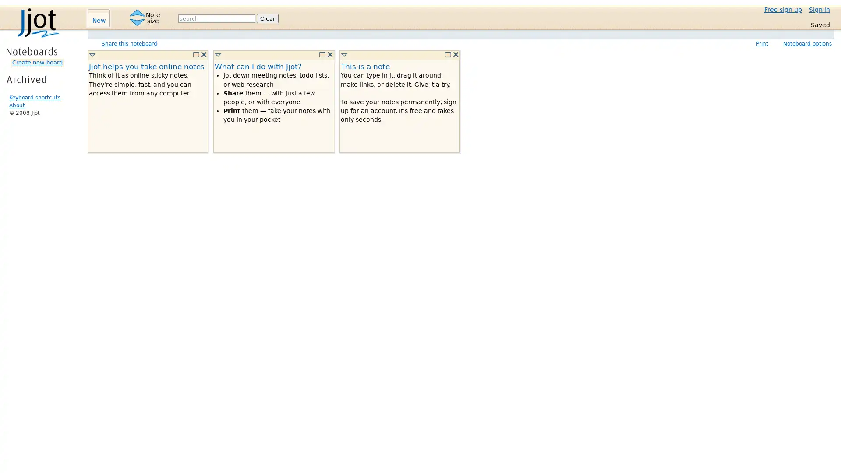 Image resolution: width=841 pixels, height=473 pixels. Describe the element at coordinates (267, 18) in the screenshot. I see `Clear` at that location.